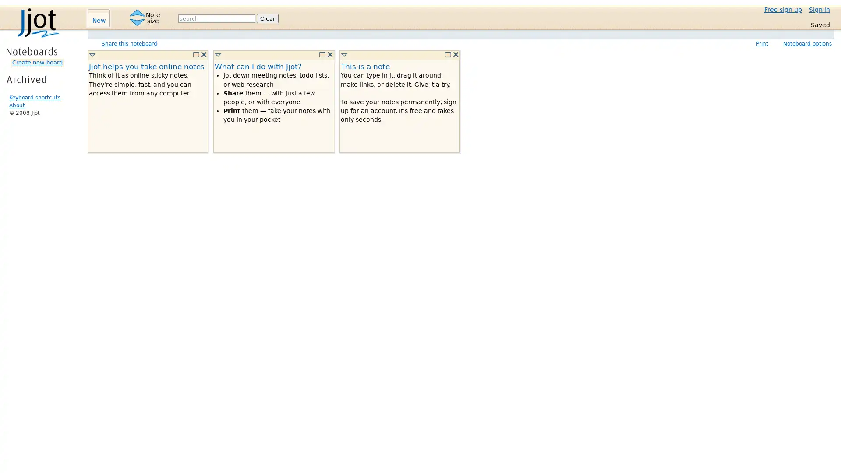 Image resolution: width=841 pixels, height=473 pixels. Describe the element at coordinates (267, 18) in the screenshot. I see `Clear` at that location.